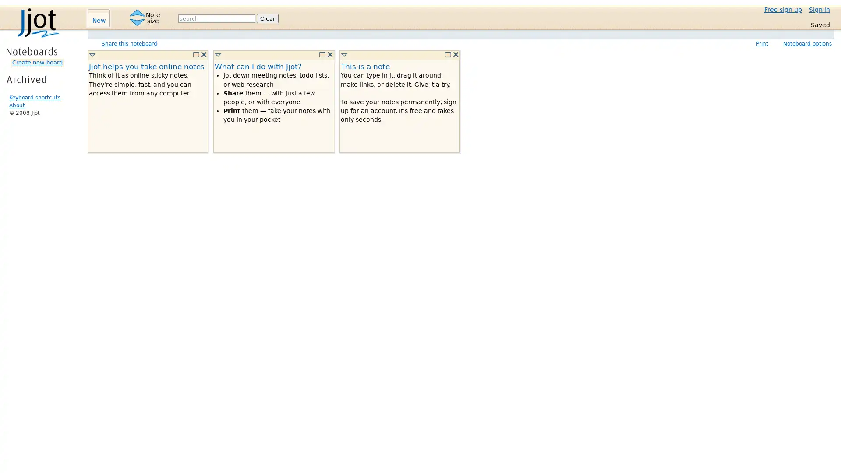 Image resolution: width=841 pixels, height=473 pixels. Describe the element at coordinates (267, 18) in the screenshot. I see `Clear` at that location.